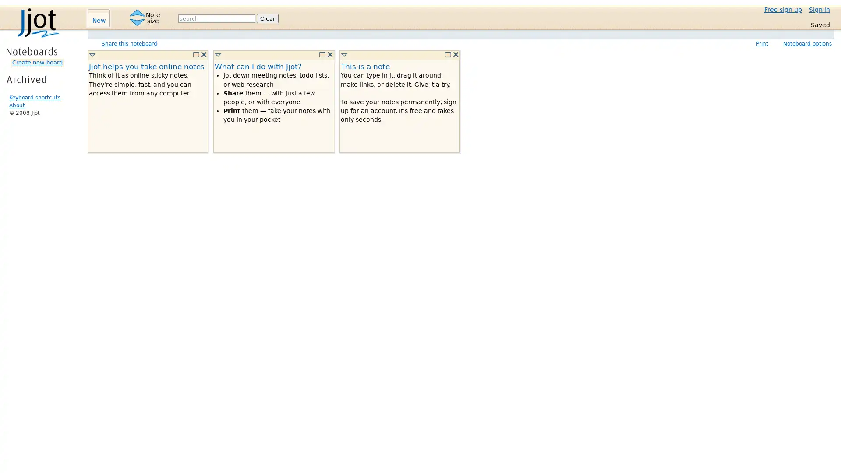 Image resolution: width=841 pixels, height=473 pixels. Describe the element at coordinates (267, 18) in the screenshot. I see `Clear` at that location.